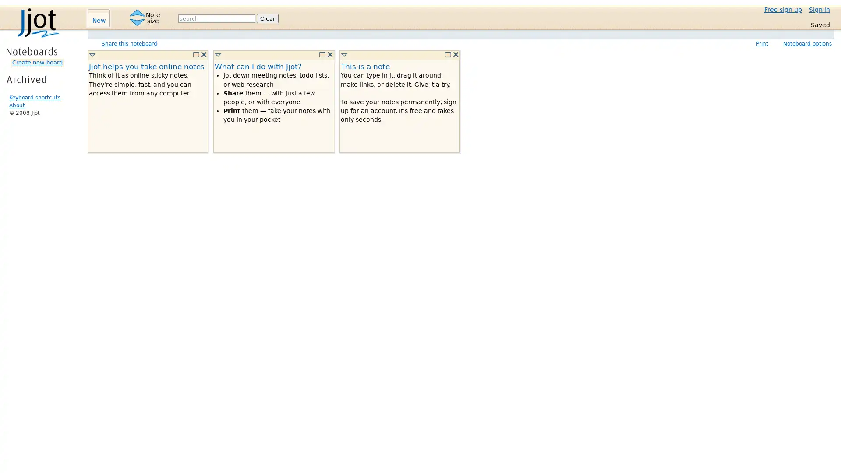 Image resolution: width=841 pixels, height=473 pixels. Describe the element at coordinates (267, 18) in the screenshot. I see `Clear` at that location.